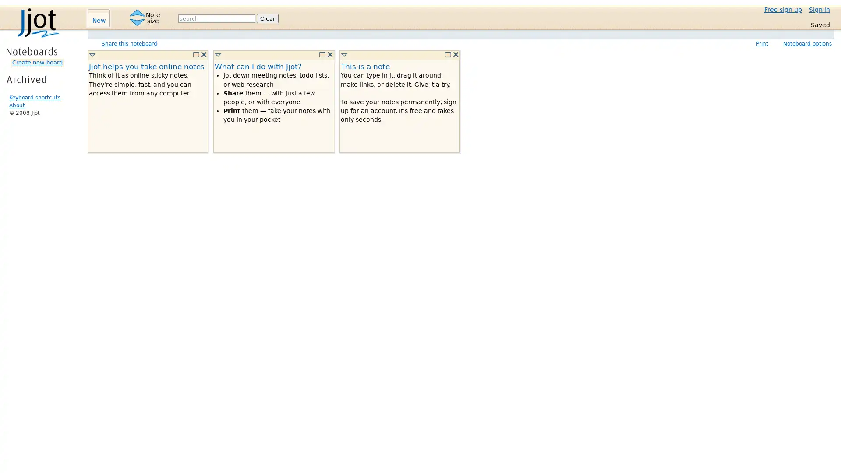 Image resolution: width=841 pixels, height=473 pixels. Describe the element at coordinates (267, 18) in the screenshot. I see `Clear` at that location.